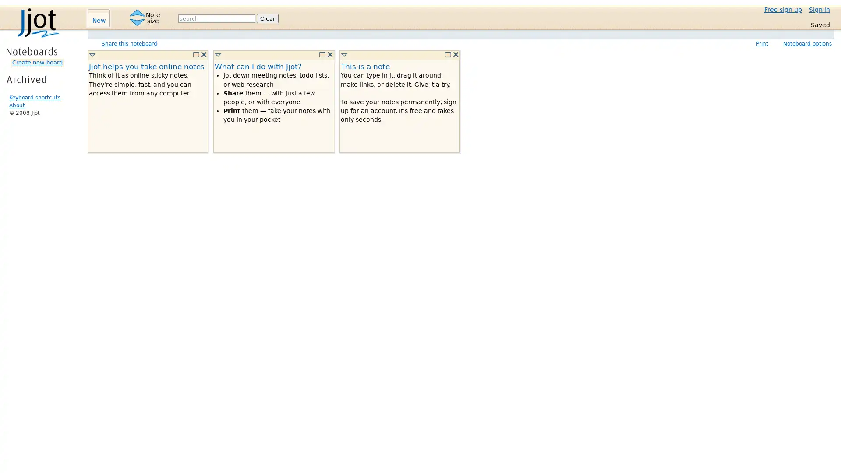 Image resolution: width=841 pixels, height=473 pixels. Describe the element at coordinates (267, 18) in the screenshot. I see `Clear` at that location.